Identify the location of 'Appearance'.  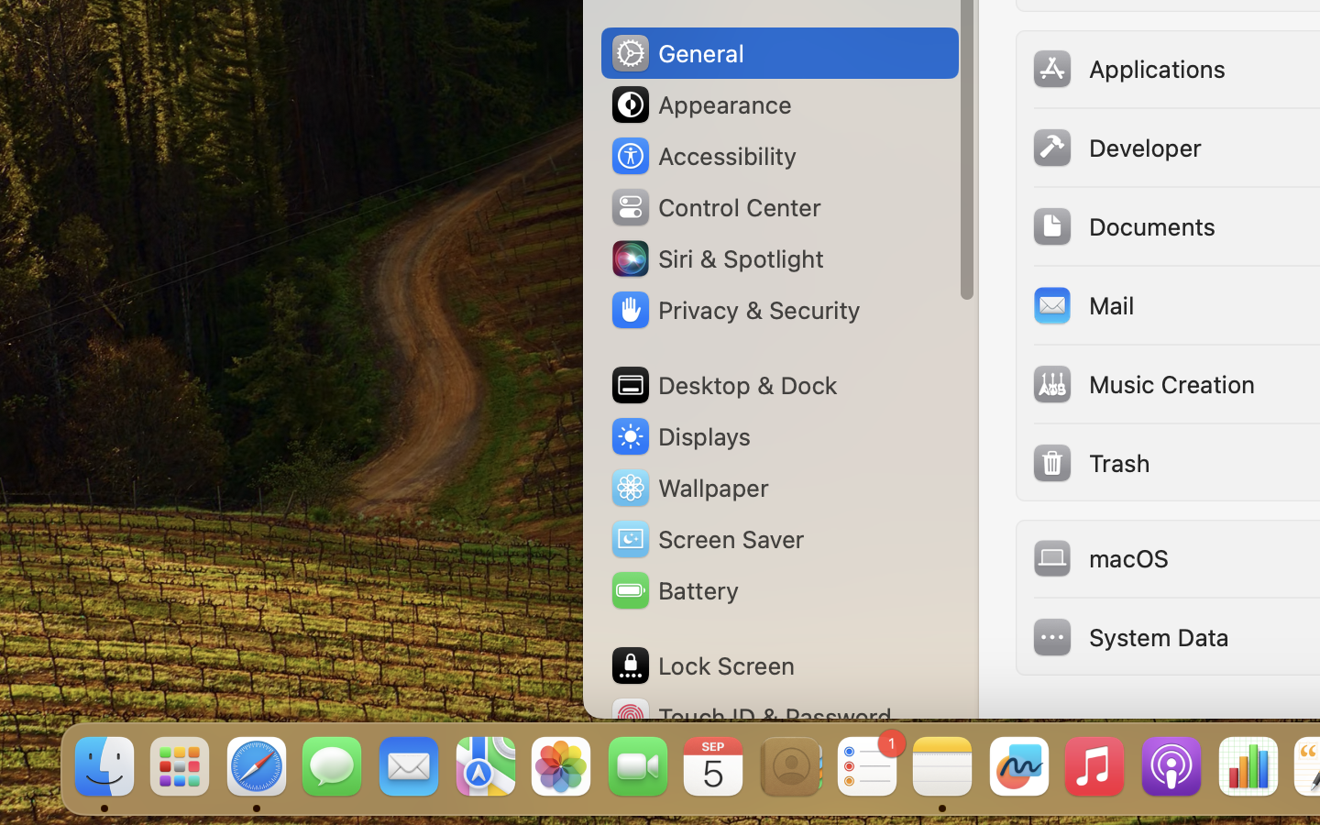
(699, 104).